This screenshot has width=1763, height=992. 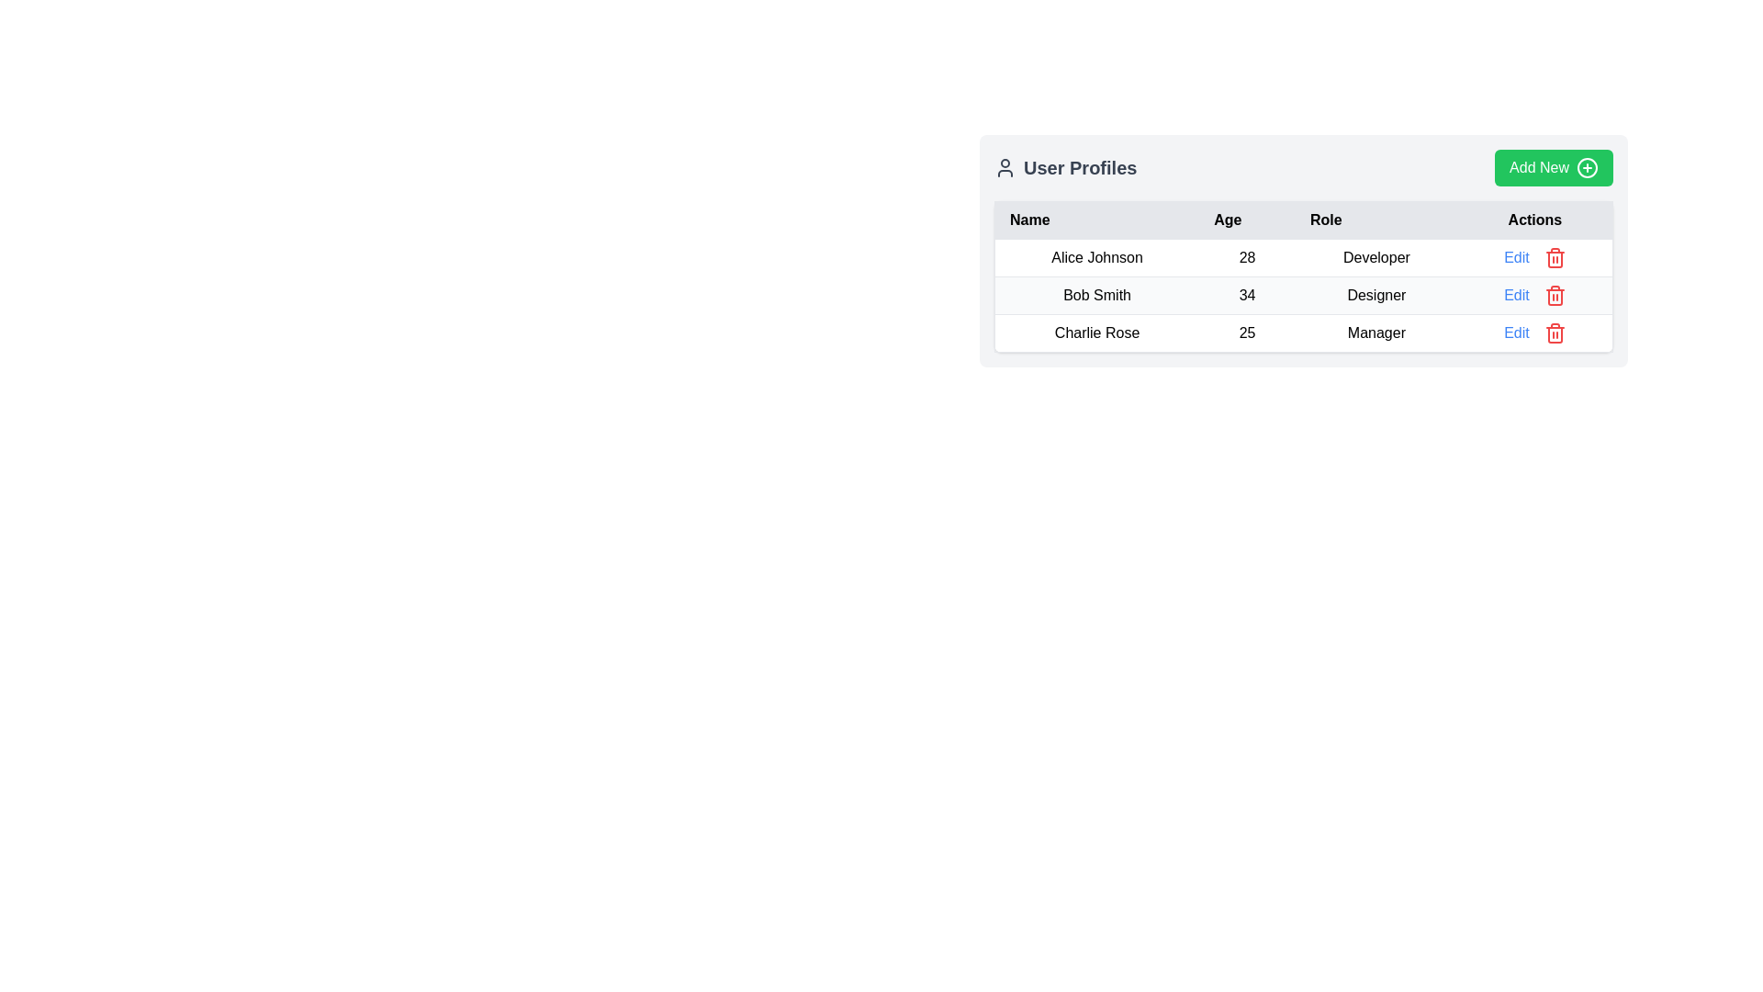 I want to click on the 'Edit' link in the Action button group located in the 'Actions' column of the first row under 'User Profiles' to trigger its hover state, so click(x=1534, y=258).